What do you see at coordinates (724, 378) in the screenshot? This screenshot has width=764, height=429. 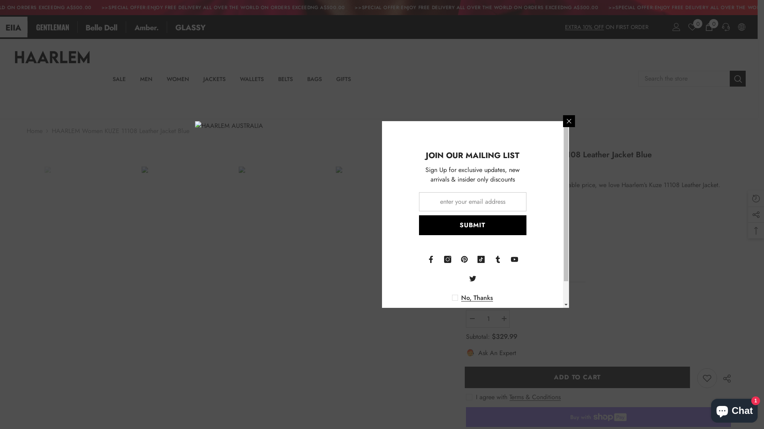 I see `'SHARE'` at bounding box center [724, 378].